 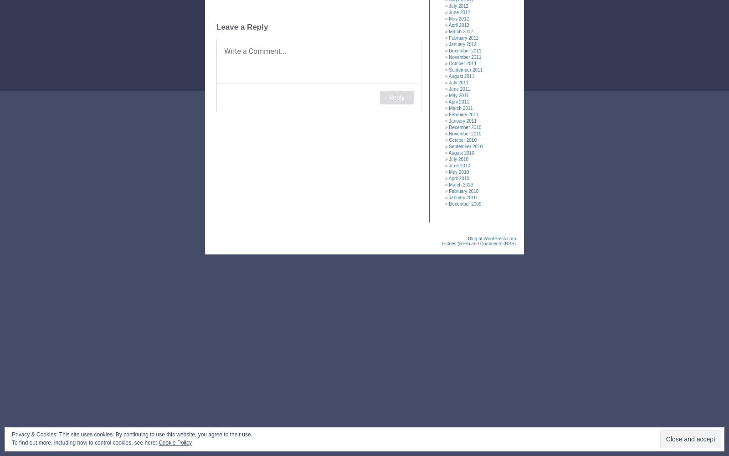 What do you see at coordinates (458, 159) in the screenshot?
I see `'July 2010'` at bounding box center [458, 159].